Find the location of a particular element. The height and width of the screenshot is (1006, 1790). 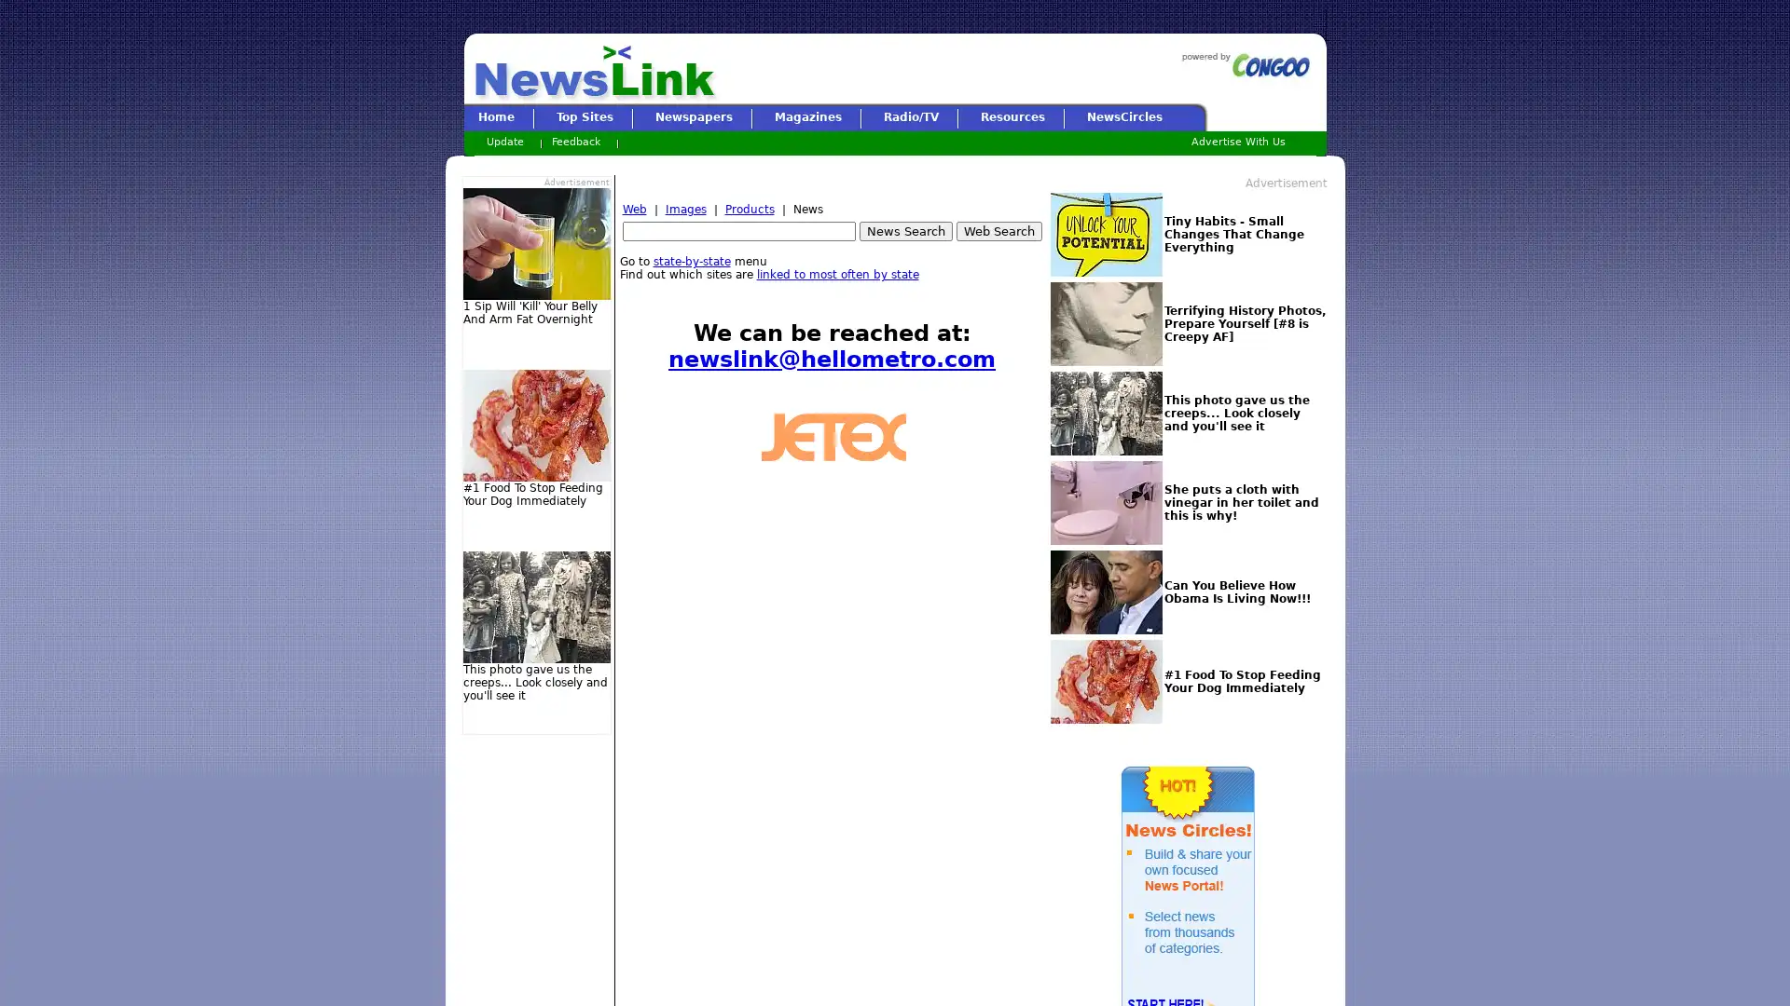

News Search is located at coordinates (904, 230).